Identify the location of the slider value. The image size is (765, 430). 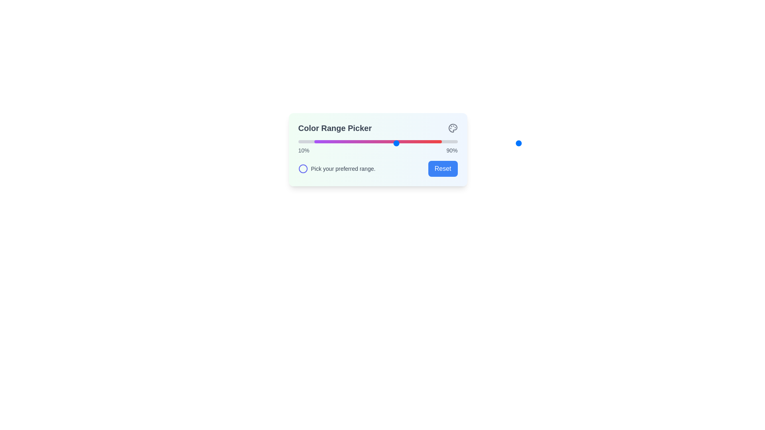
(372, 141).